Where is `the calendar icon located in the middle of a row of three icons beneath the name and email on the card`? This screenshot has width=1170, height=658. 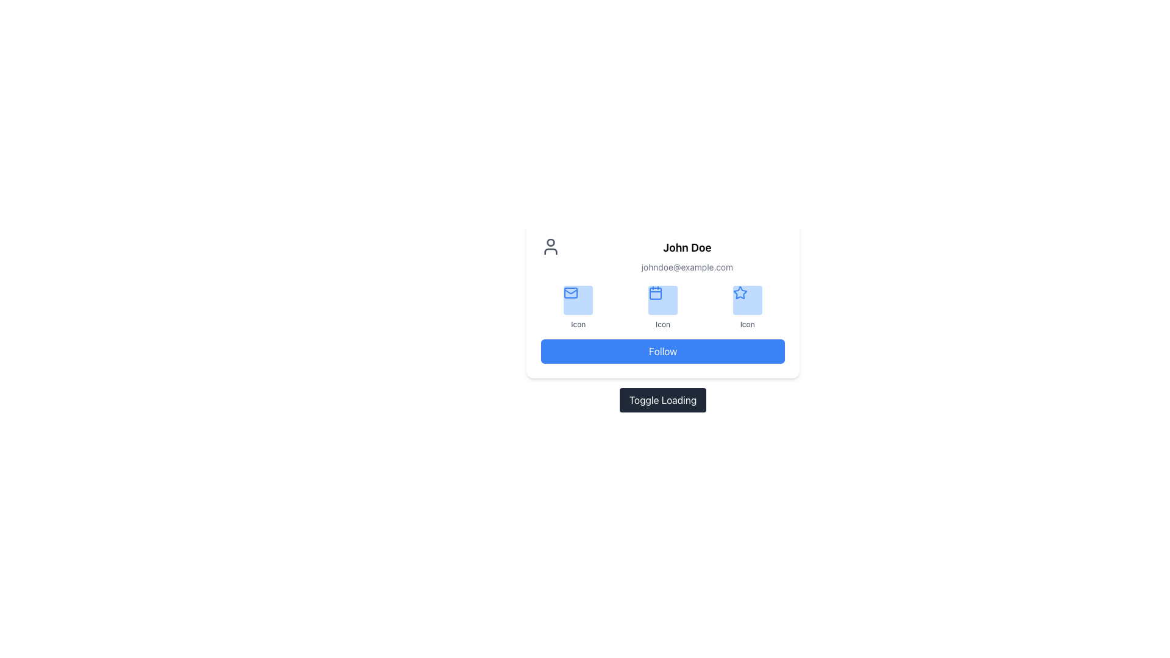
the calendar icon located in the middle of a row of three icons beneath the name and email on the card is located at coordinates (654, 293).